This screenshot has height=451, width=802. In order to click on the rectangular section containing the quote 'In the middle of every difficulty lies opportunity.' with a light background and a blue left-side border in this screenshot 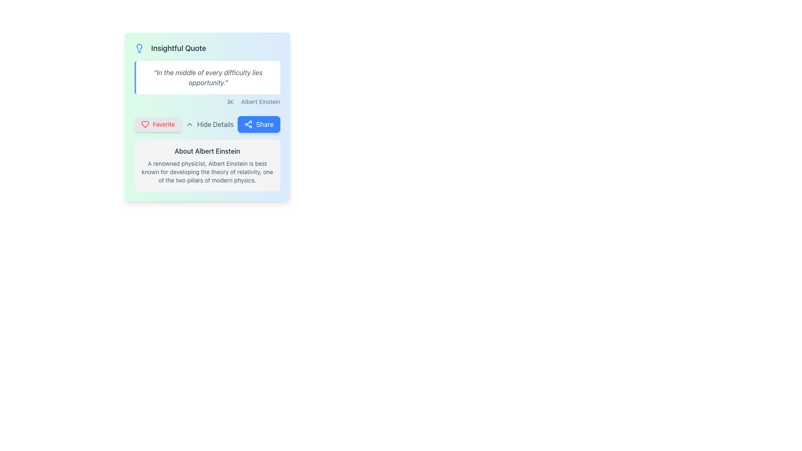, I will do `click(207, 77)`.